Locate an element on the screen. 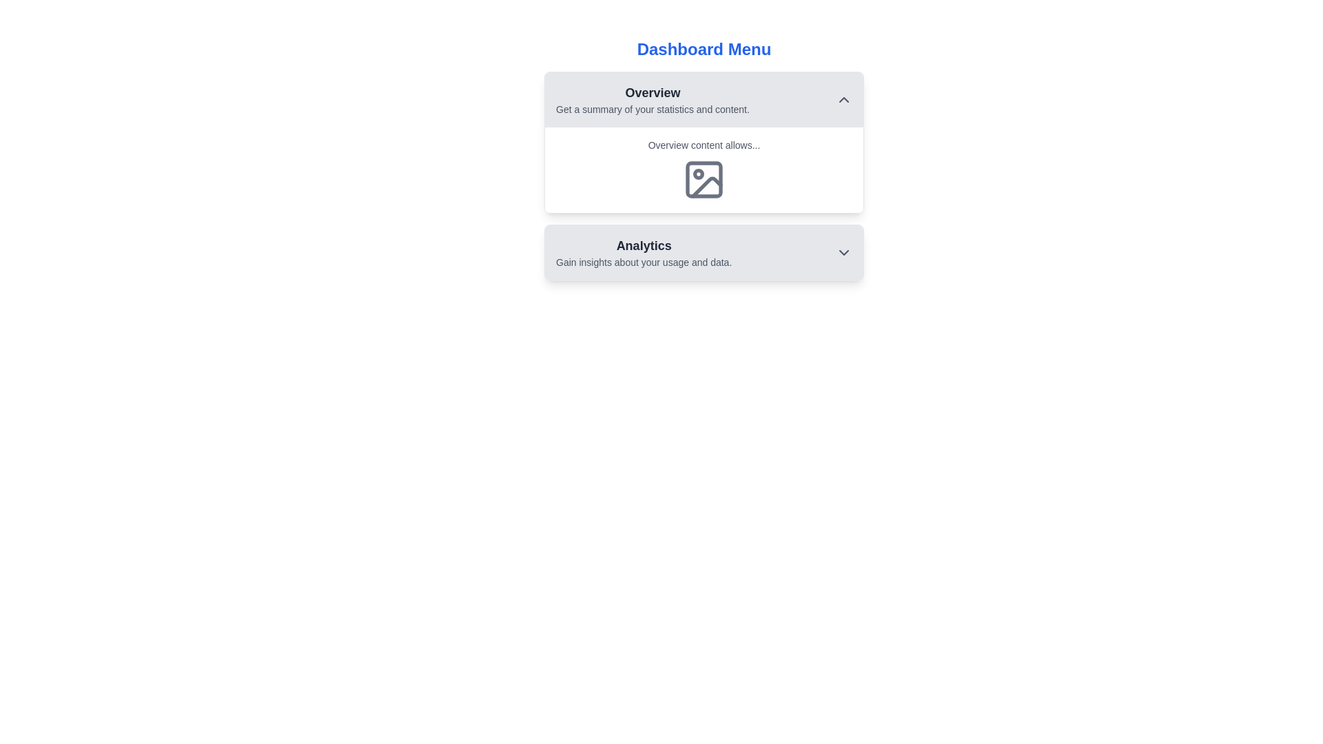  the 'Overview' icon located in the dashboard menu, which serves as a visual representation for the summary or preview feature is located at coordinates (704, 179).